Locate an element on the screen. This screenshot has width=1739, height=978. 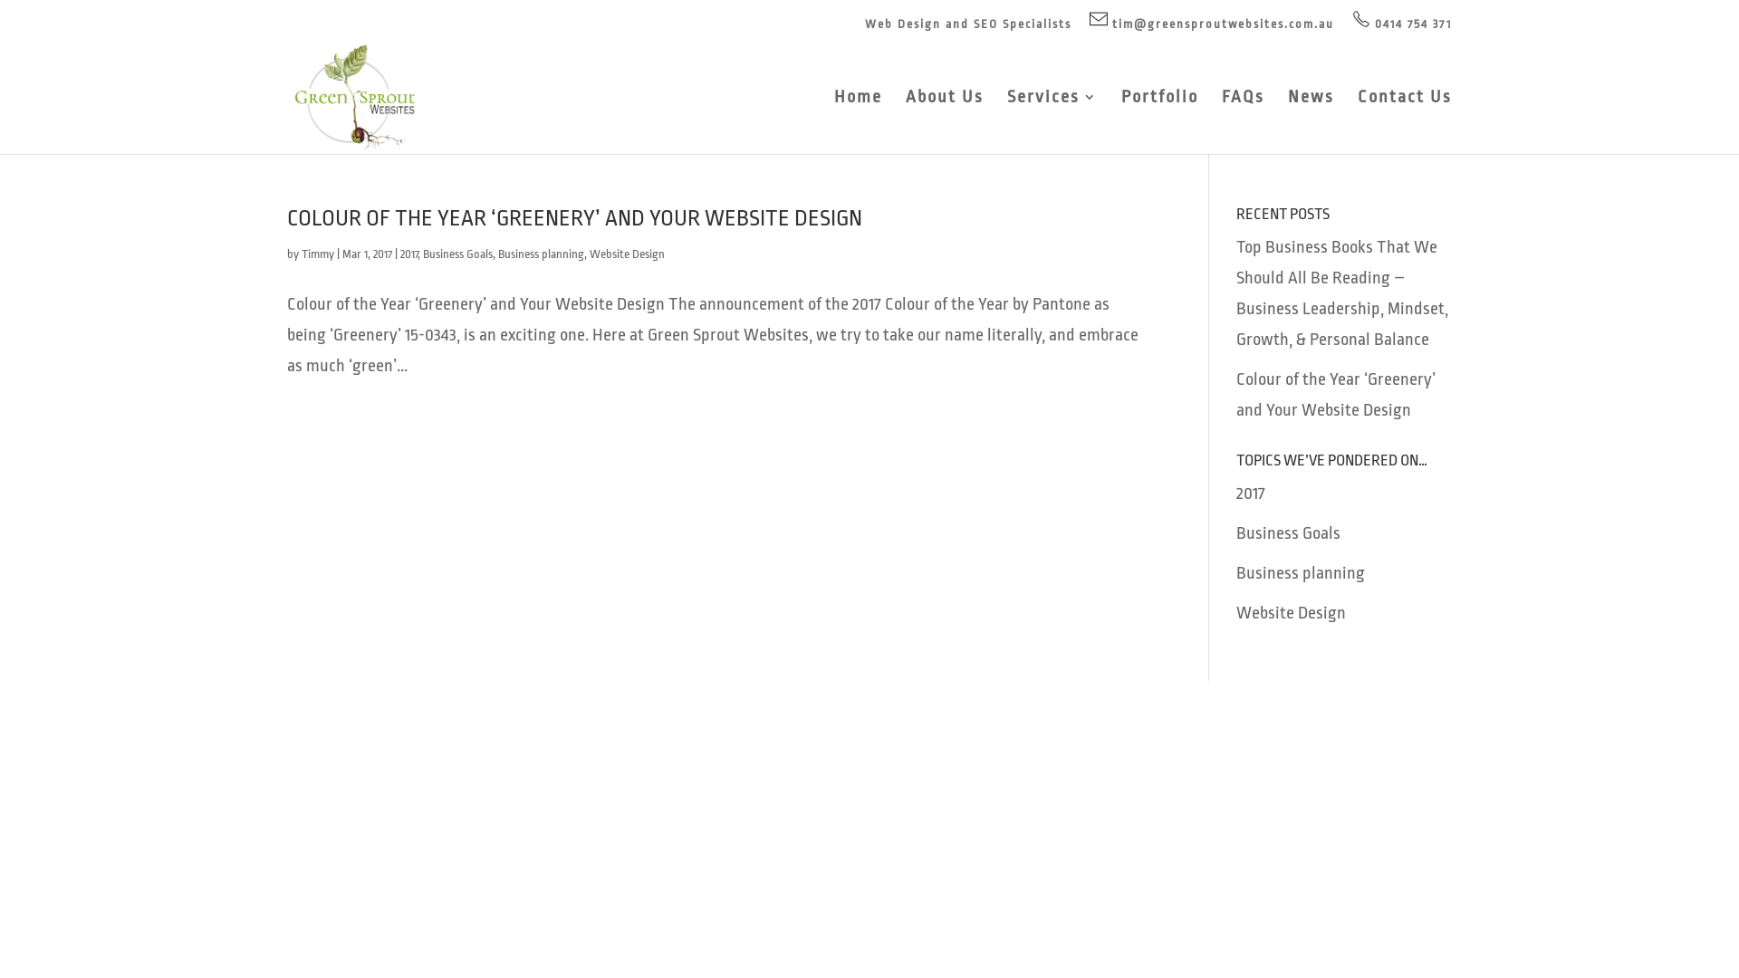
'Services' is located at coordinates (1052, 122).